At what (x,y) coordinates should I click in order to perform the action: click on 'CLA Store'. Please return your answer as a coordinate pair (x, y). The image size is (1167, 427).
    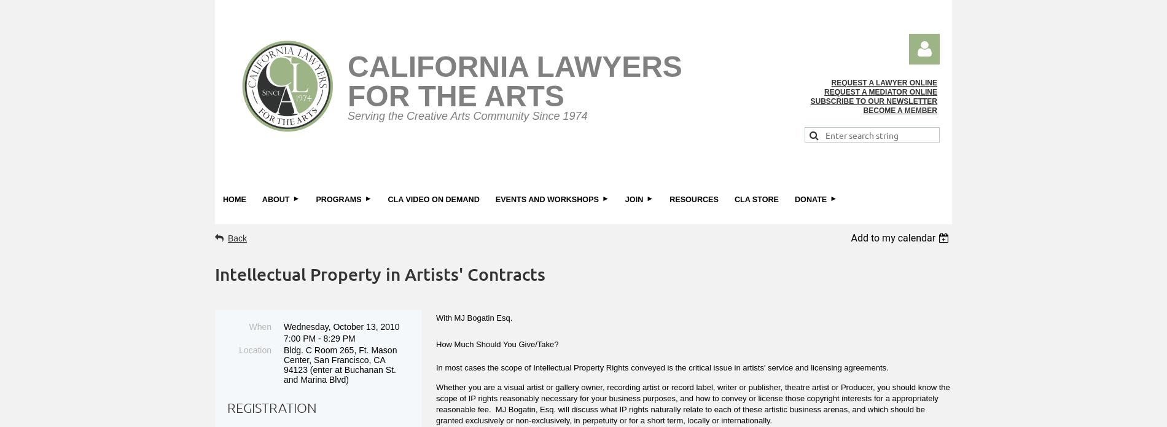
    Looking at the image, I should click on (755, 199).